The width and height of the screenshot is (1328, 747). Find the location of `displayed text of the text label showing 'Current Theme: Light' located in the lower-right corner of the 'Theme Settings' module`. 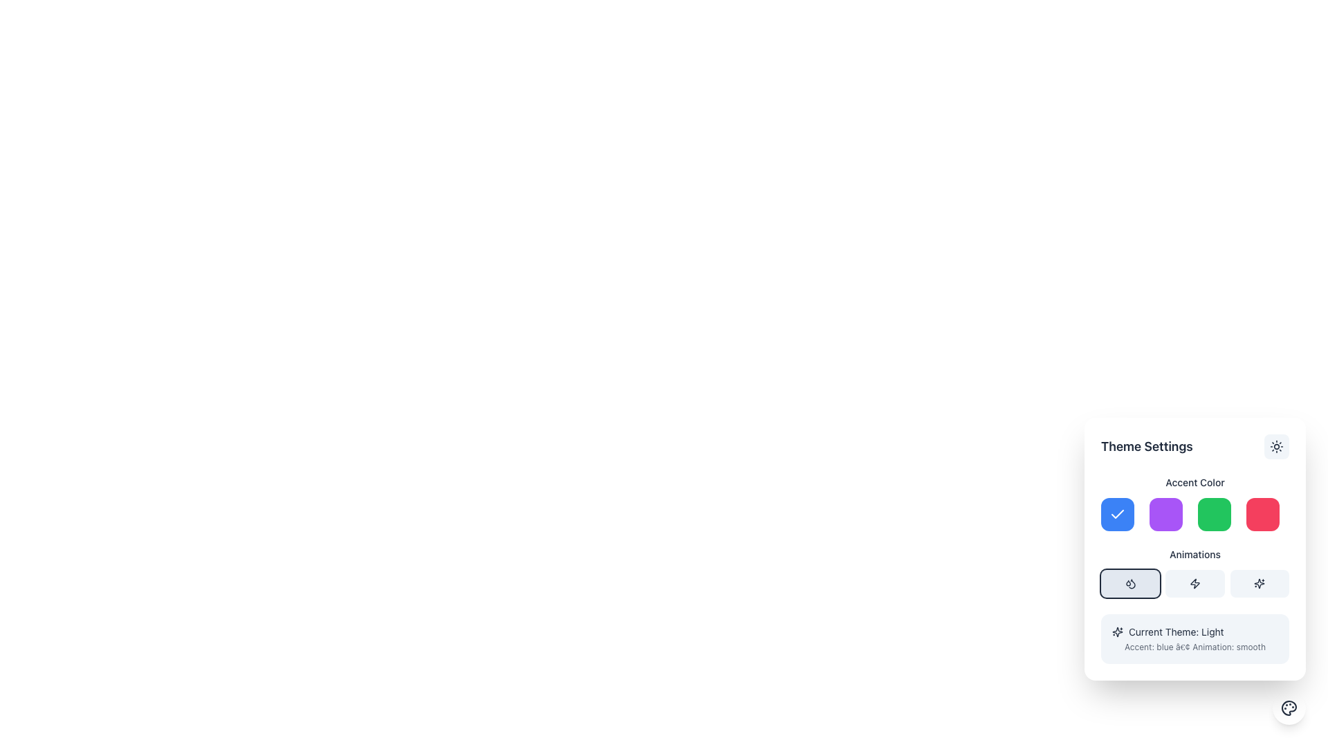

displayed text of the text label showing 'Current Theme: Light' located in the lower-right corner of the 'Theme Settings' module is located at coordinates (1175, 632).